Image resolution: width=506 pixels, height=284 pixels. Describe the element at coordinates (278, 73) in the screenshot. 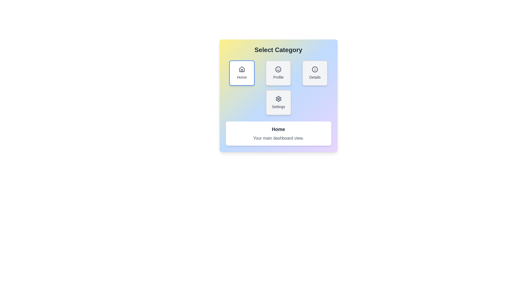

I see `the 'Profile' button` at that location.